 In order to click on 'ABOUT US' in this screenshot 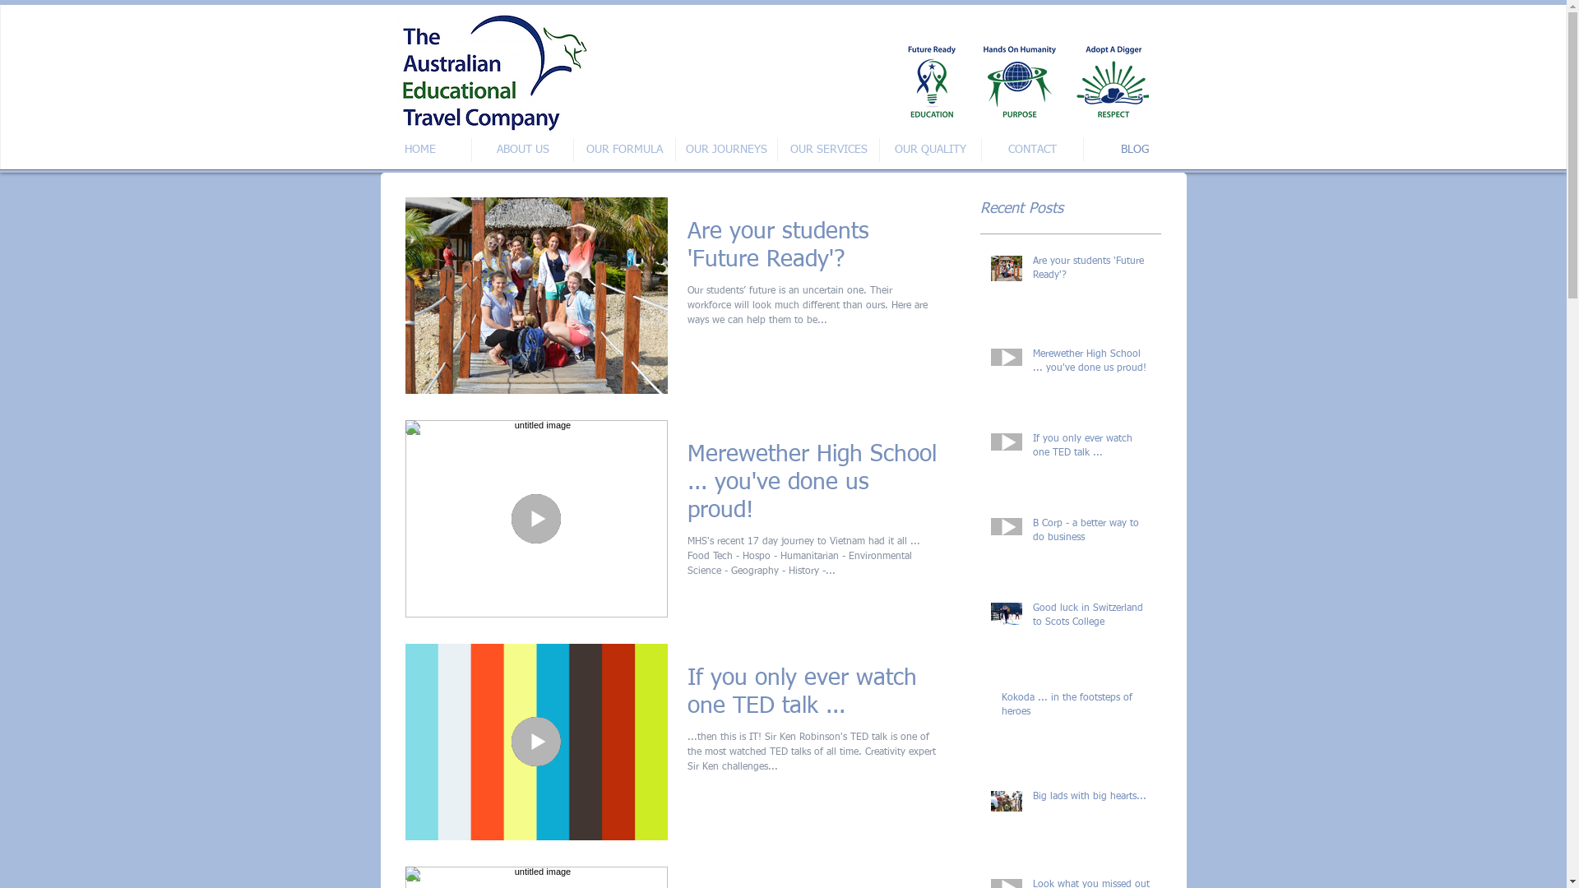, I will do `click(521, 150)`.